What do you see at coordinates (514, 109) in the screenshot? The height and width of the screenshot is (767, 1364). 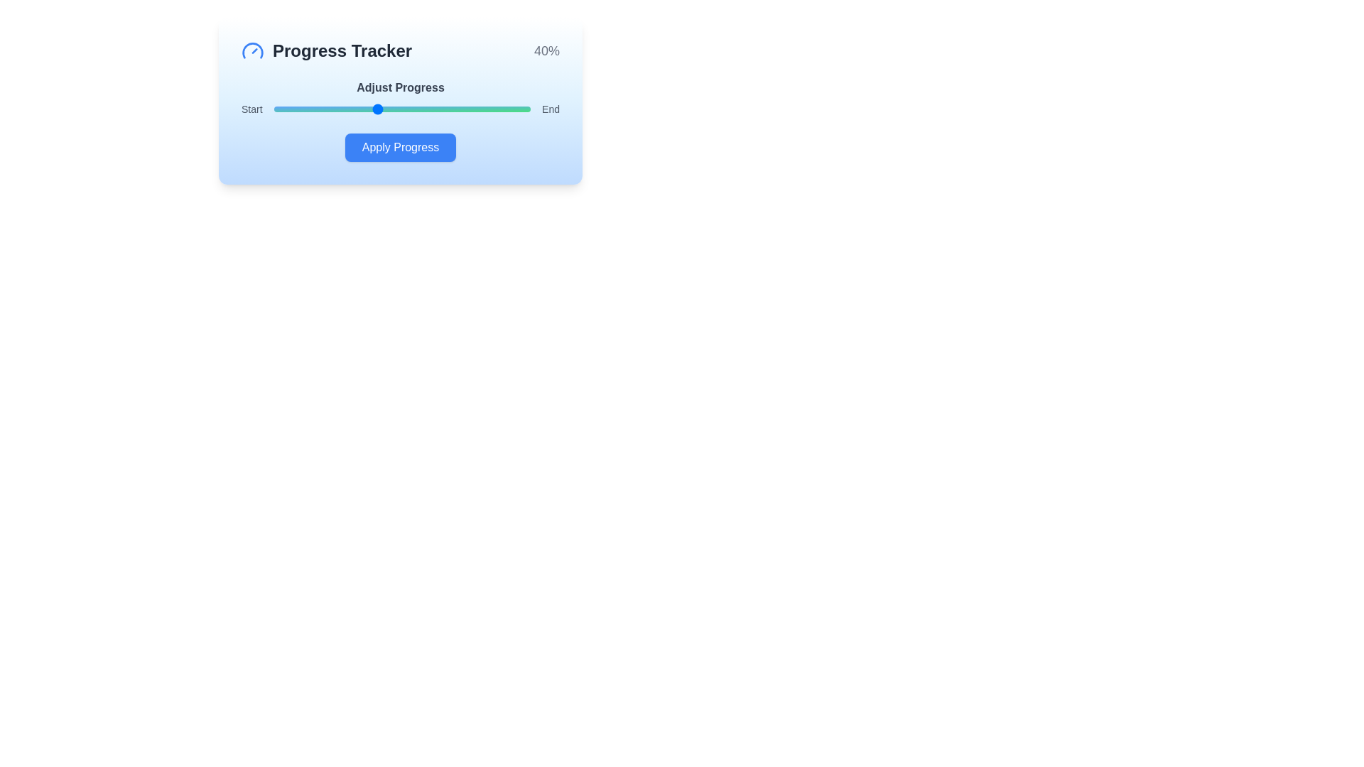 I see `the progress slider to 94%` at bounding box center [514, 109].